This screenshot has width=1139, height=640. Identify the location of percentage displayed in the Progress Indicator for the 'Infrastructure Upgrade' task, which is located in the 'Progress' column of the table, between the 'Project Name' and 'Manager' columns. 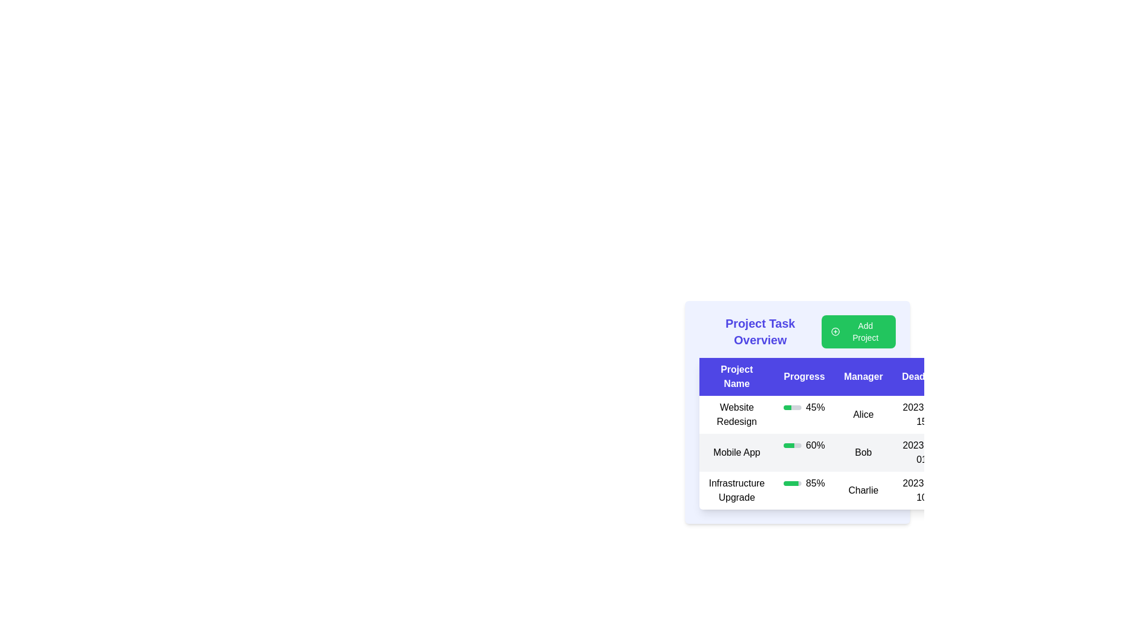
(804, 484).